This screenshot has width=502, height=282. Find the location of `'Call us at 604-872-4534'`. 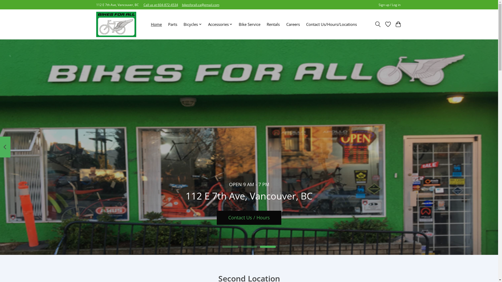

'Call us at 604-872-4534' is located at coordinates (160, 5).